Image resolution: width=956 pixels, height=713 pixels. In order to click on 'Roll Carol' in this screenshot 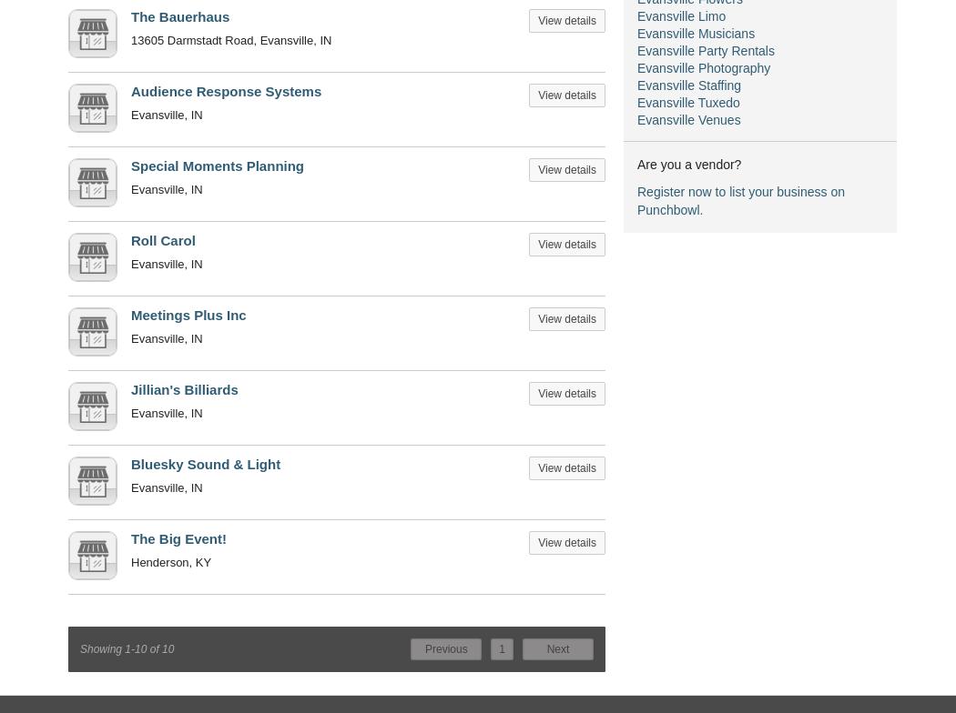, I will do `click(163, 240)`.